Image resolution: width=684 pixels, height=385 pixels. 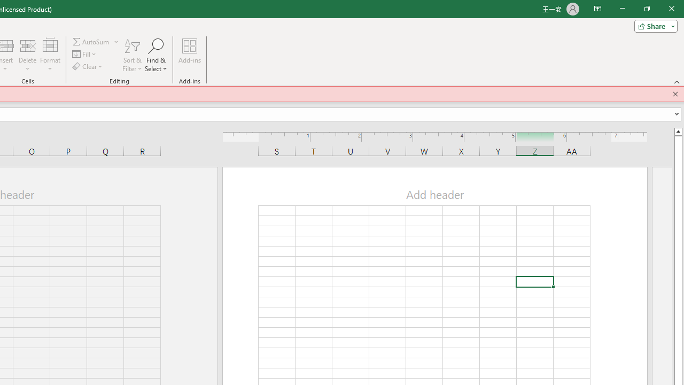 What do you see at coordinates (96, 41) in the screenshot?
I see `'AutoSum'` at bounding box center [96, 41].